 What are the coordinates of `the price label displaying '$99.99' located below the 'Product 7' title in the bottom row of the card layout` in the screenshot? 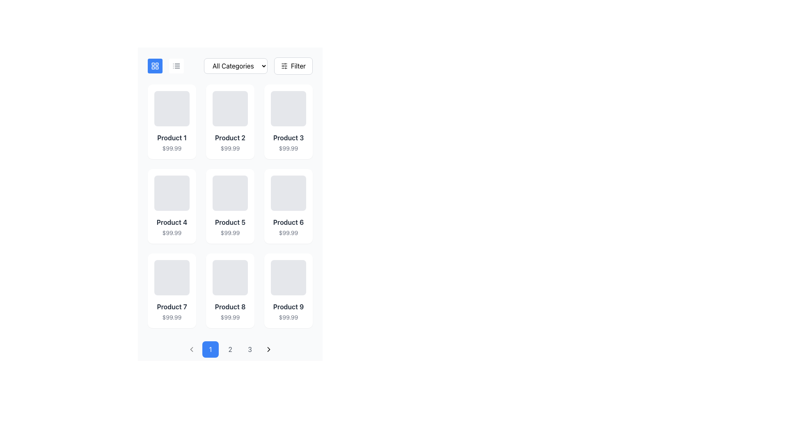 It's located at (171, 317).